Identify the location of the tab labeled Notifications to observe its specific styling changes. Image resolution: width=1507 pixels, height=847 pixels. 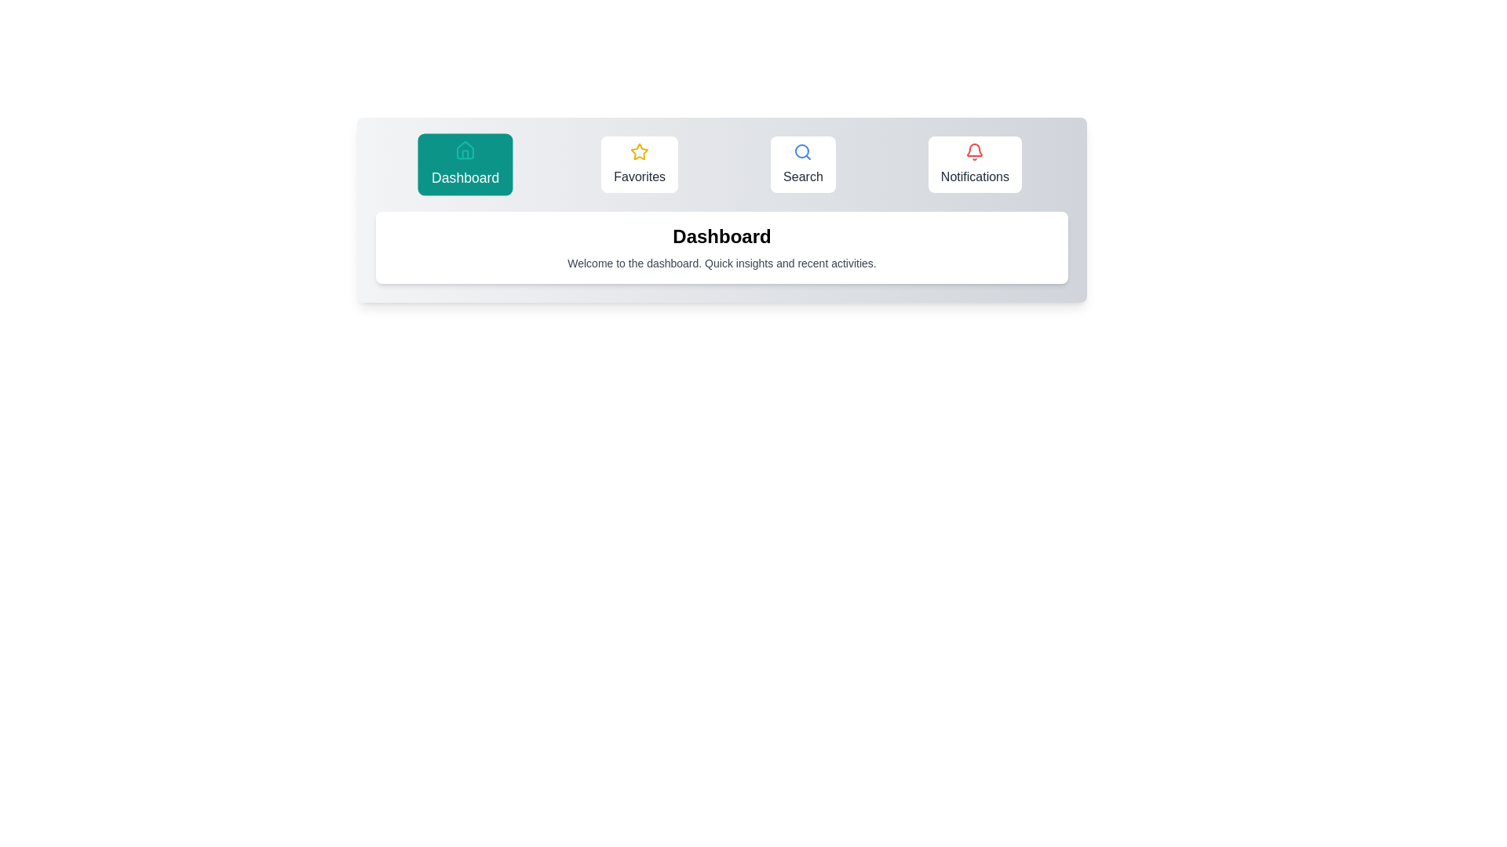
(974, 164).